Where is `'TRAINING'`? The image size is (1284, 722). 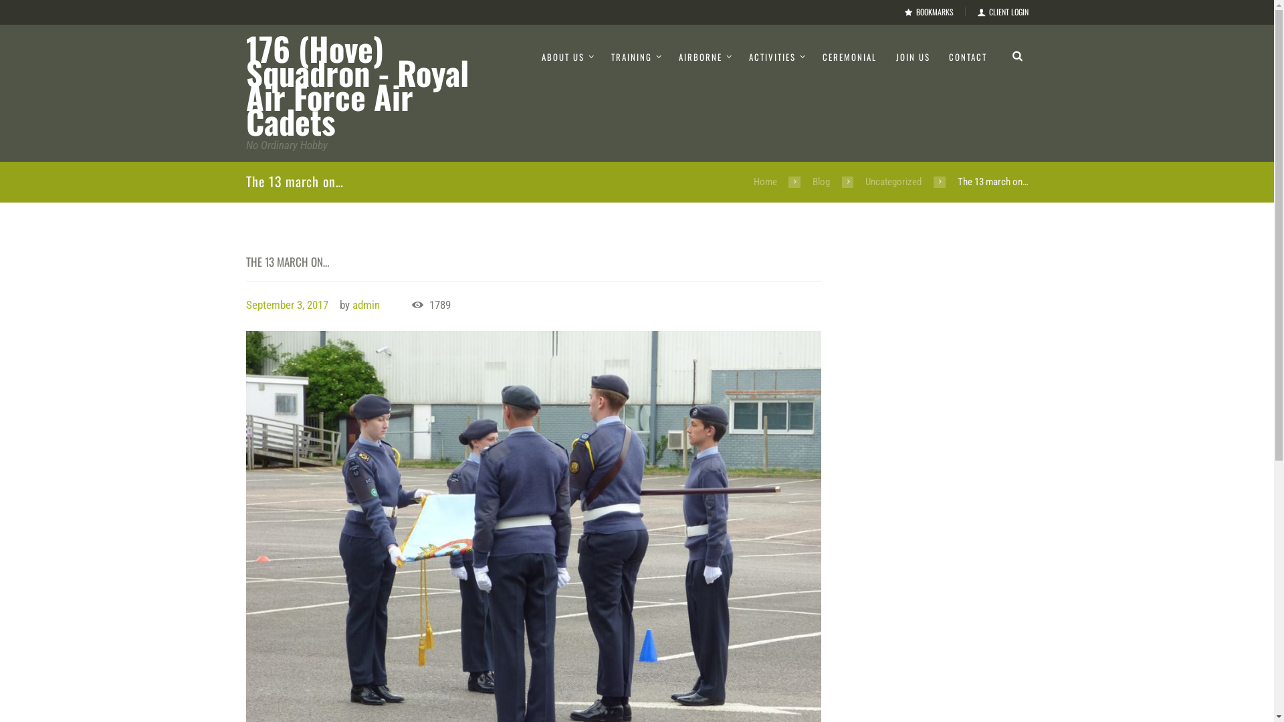
'TRAINING' is located at coordinates (635, 56).